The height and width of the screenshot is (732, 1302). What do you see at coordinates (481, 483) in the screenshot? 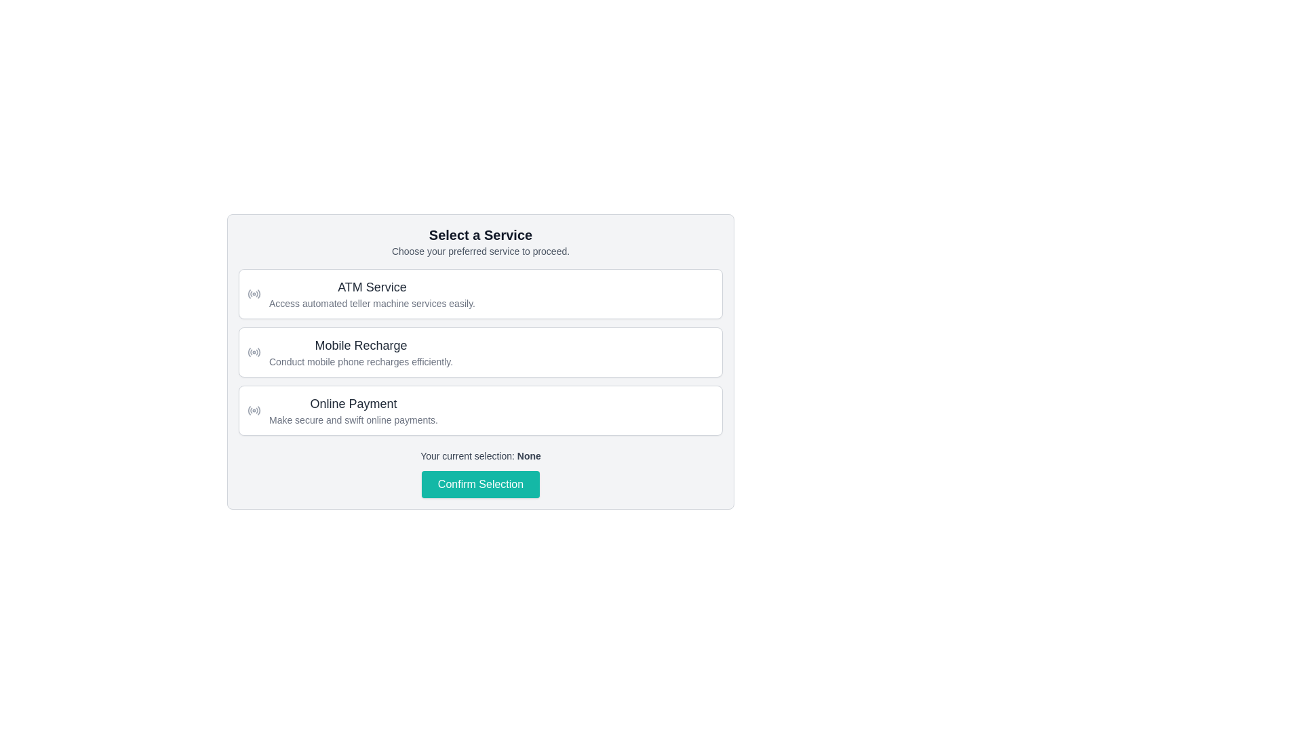
I see `the teal button labeled 'Confirm Selection'` at bounding box center [481, 483].